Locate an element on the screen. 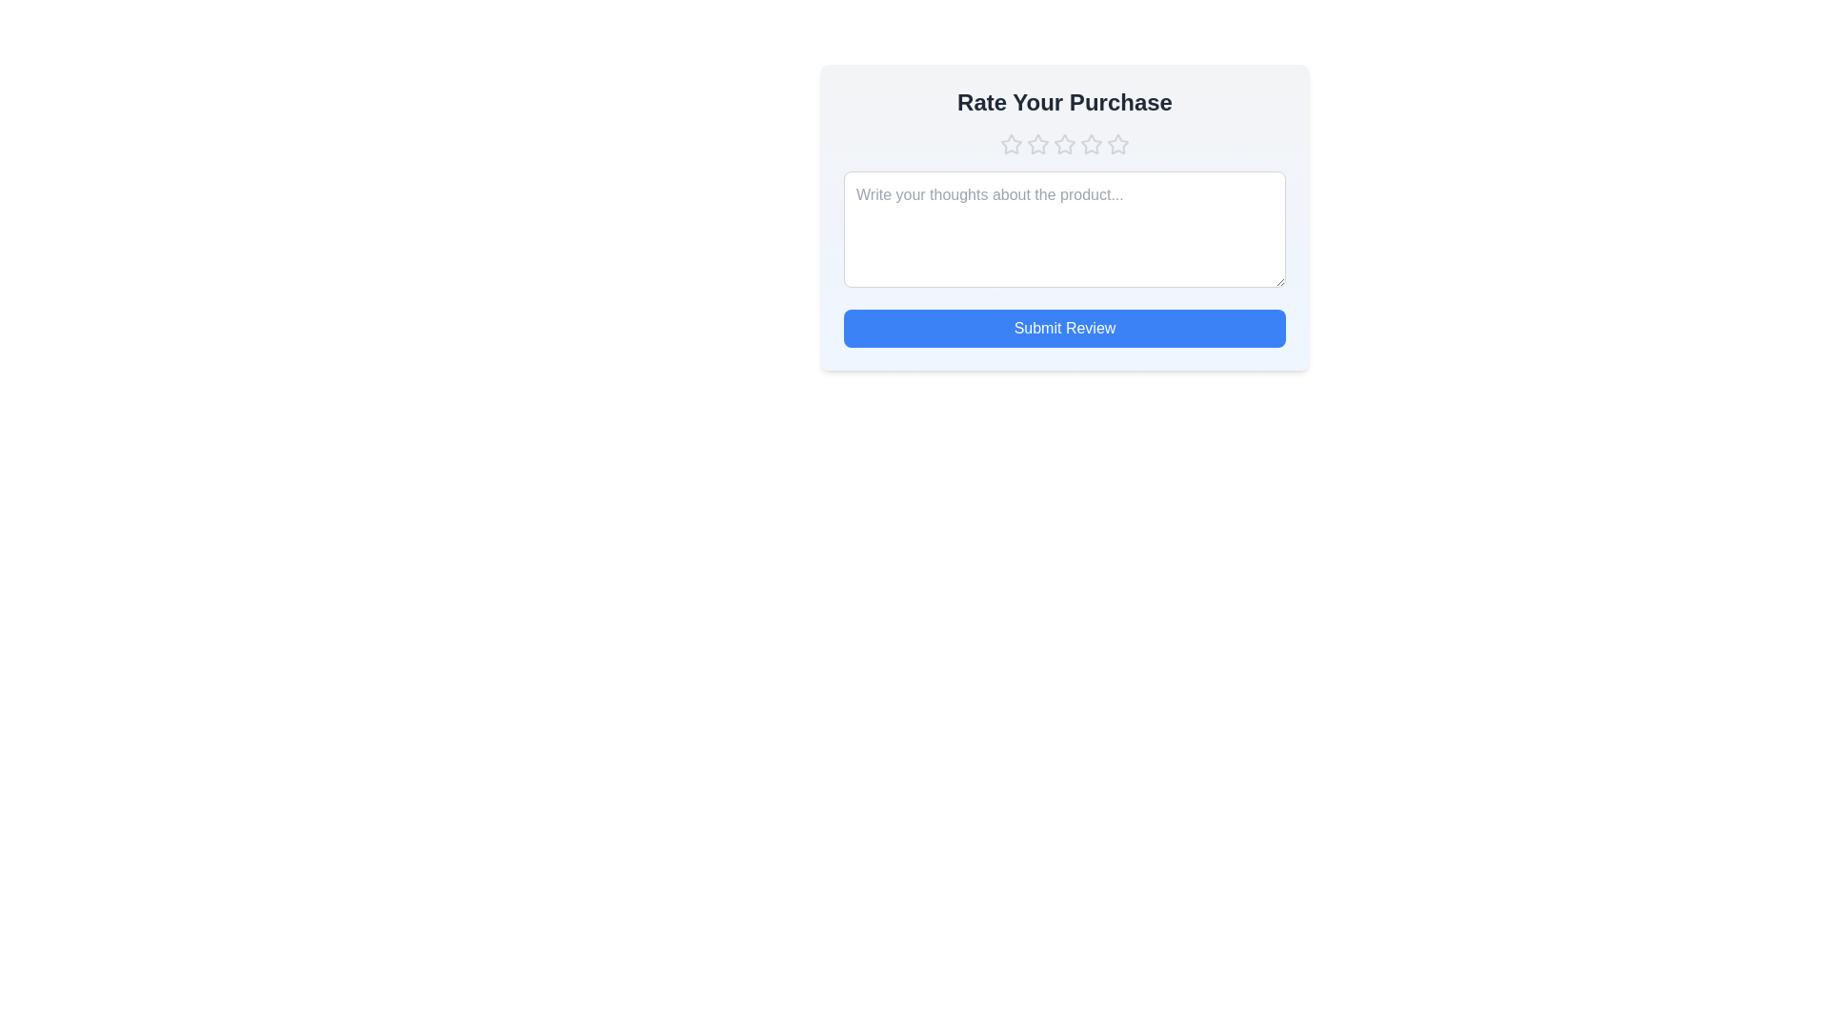 This screenshot has width=1829, height=1029. the star corresponding to the rating 2 is located at coordinates (1036, 143).